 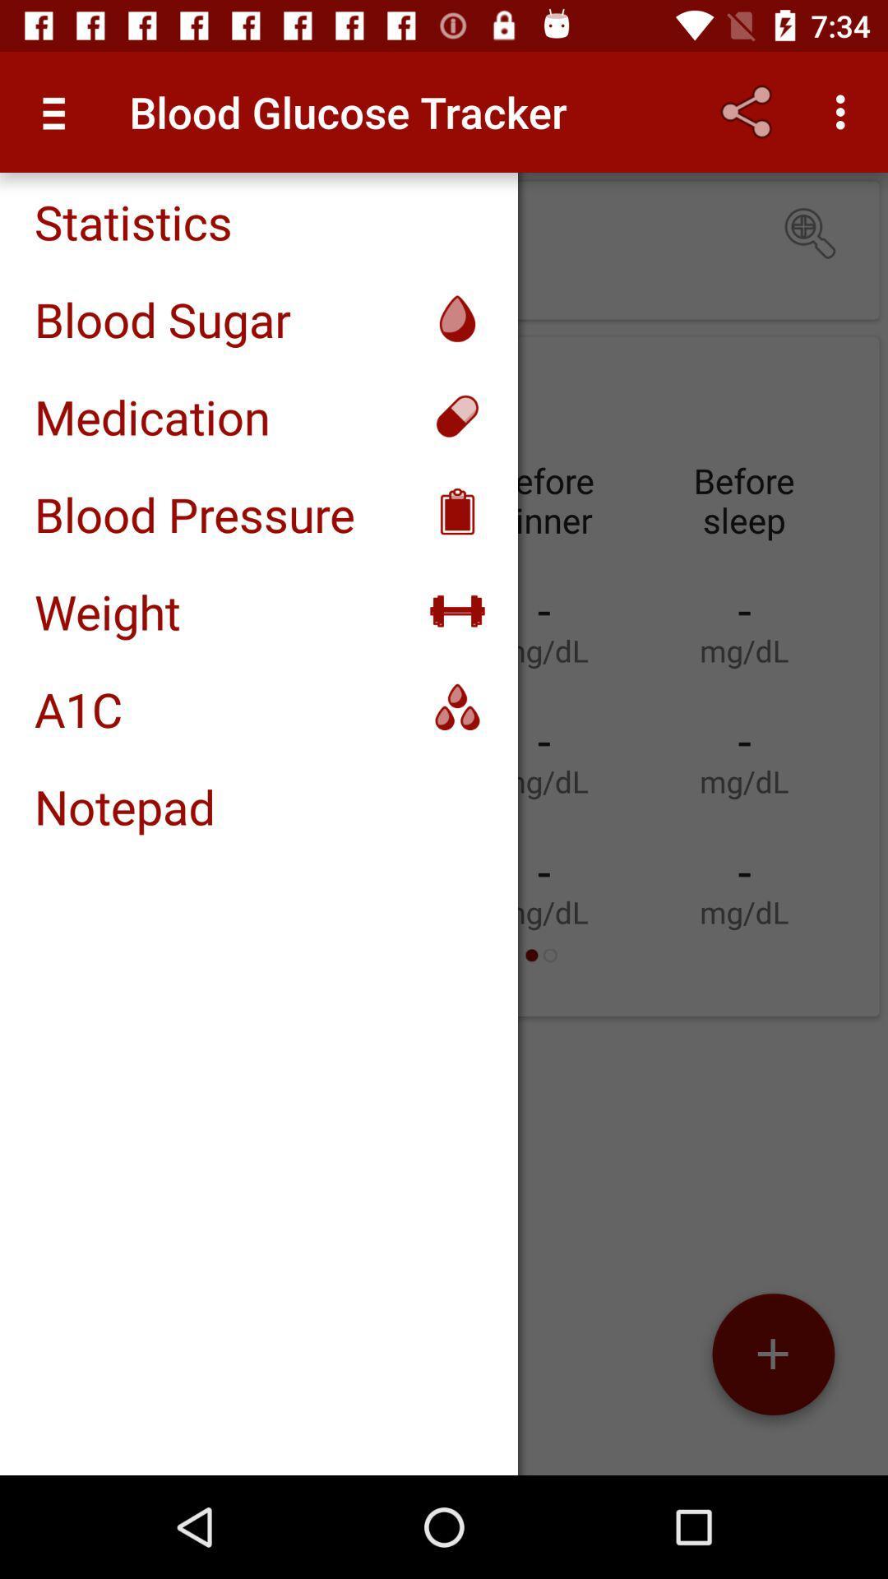 What do you see at coordinates (773, 1360) in the screenshot?
I see `the add icon` at bounding box center [773, 1360].